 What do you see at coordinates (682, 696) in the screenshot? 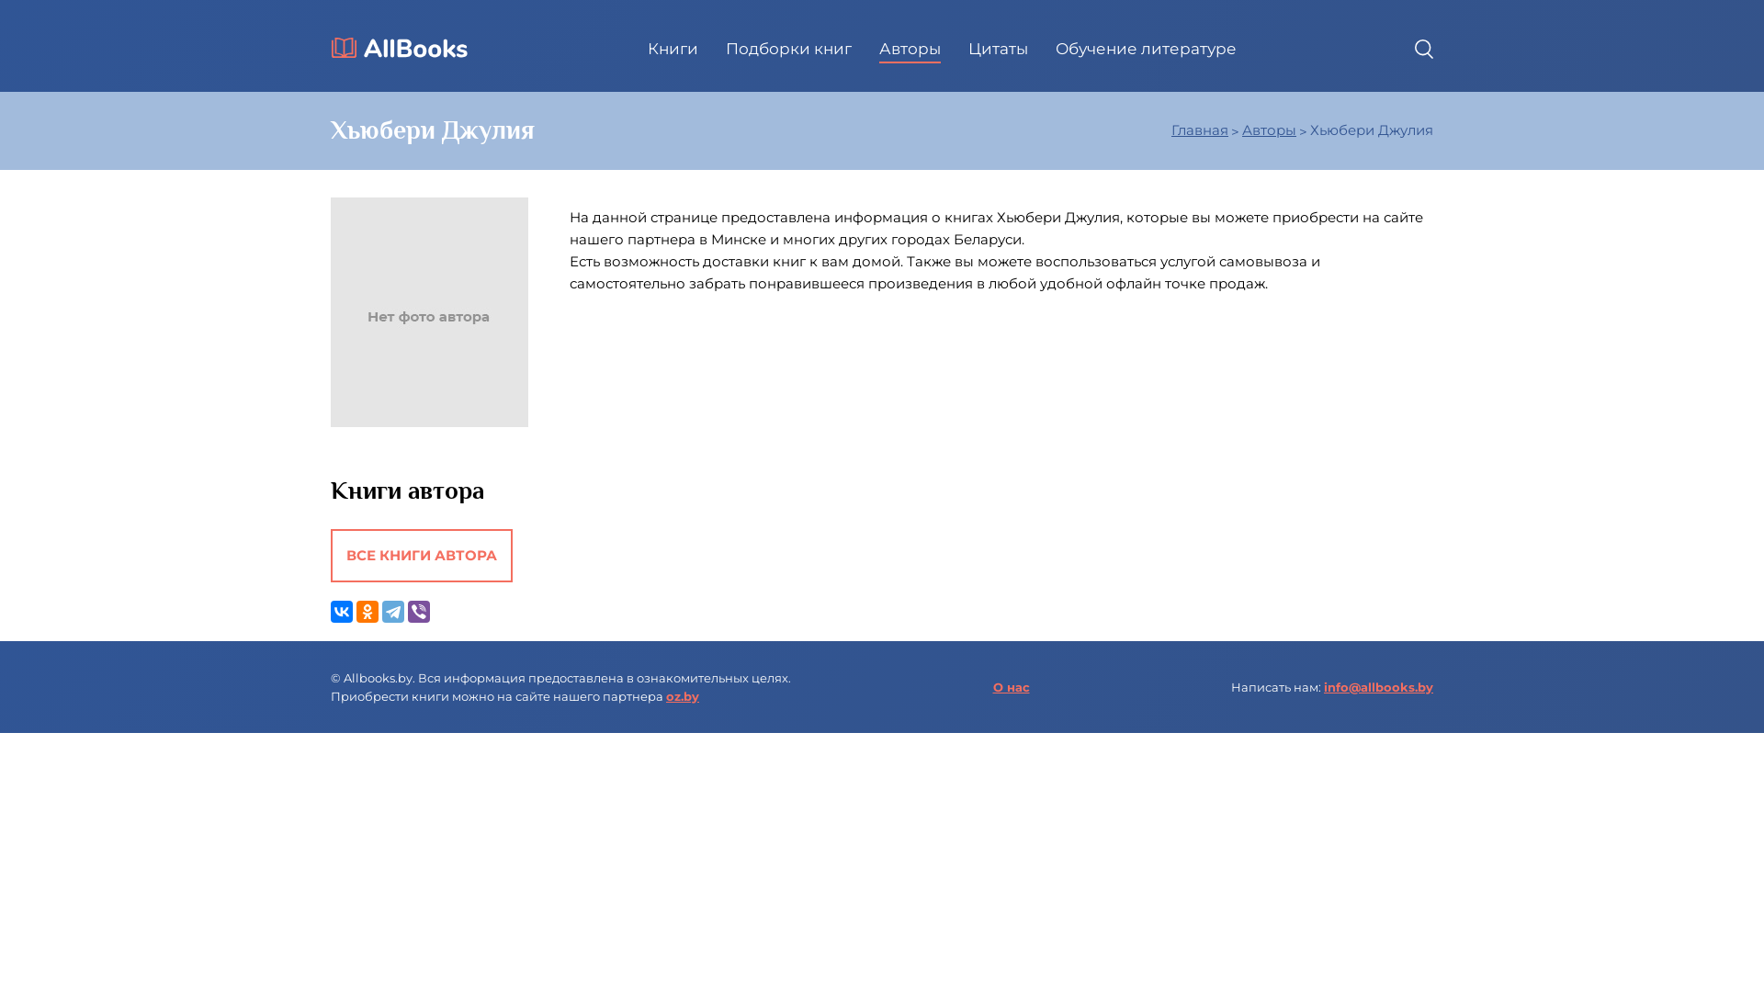
I see `'oz.by'` at bounding box center [682, 696].